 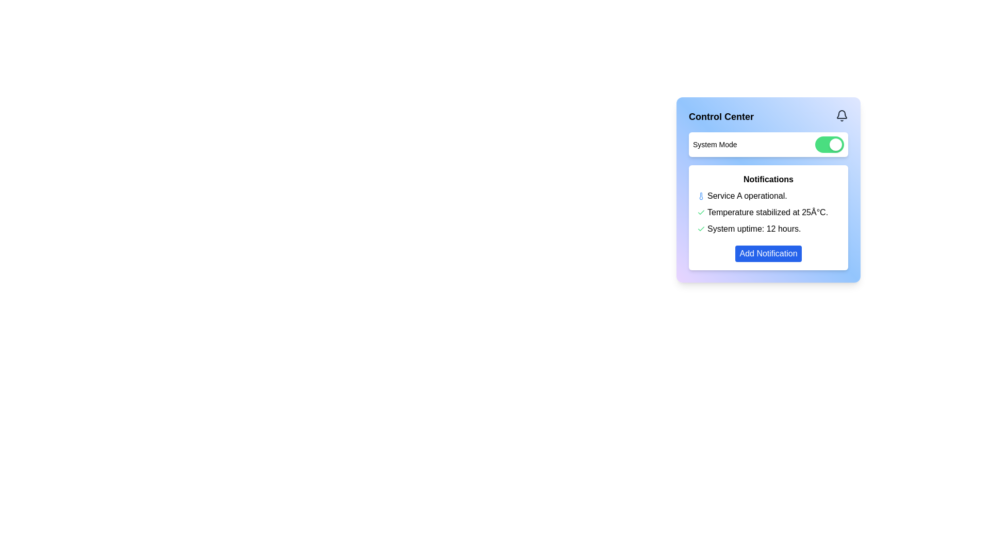 What do you see at coordinates (768, 179) in the screenshot?
I see `the Text Label element` at bounding box center [768, 179].